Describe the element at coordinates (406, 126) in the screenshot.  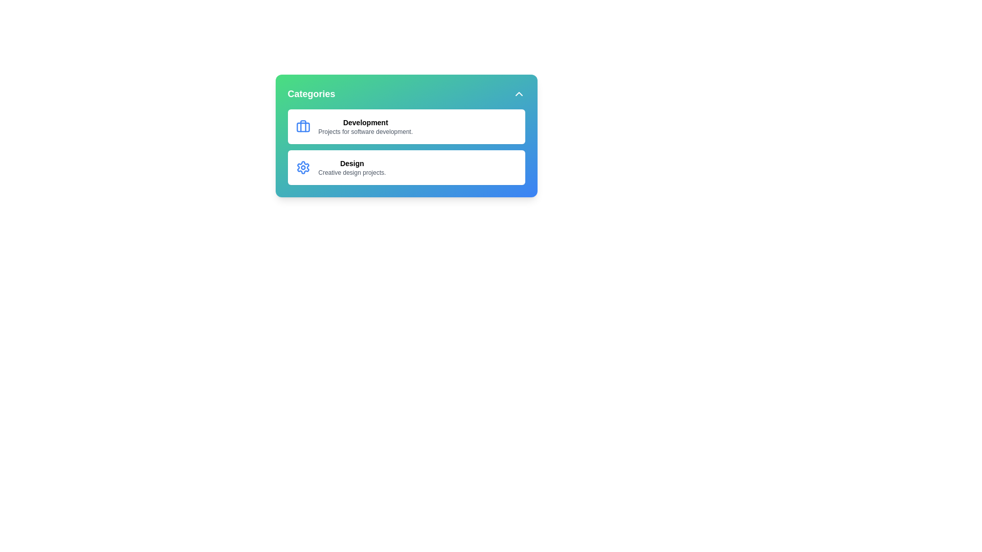
I see `the category Development to select it` at that location.